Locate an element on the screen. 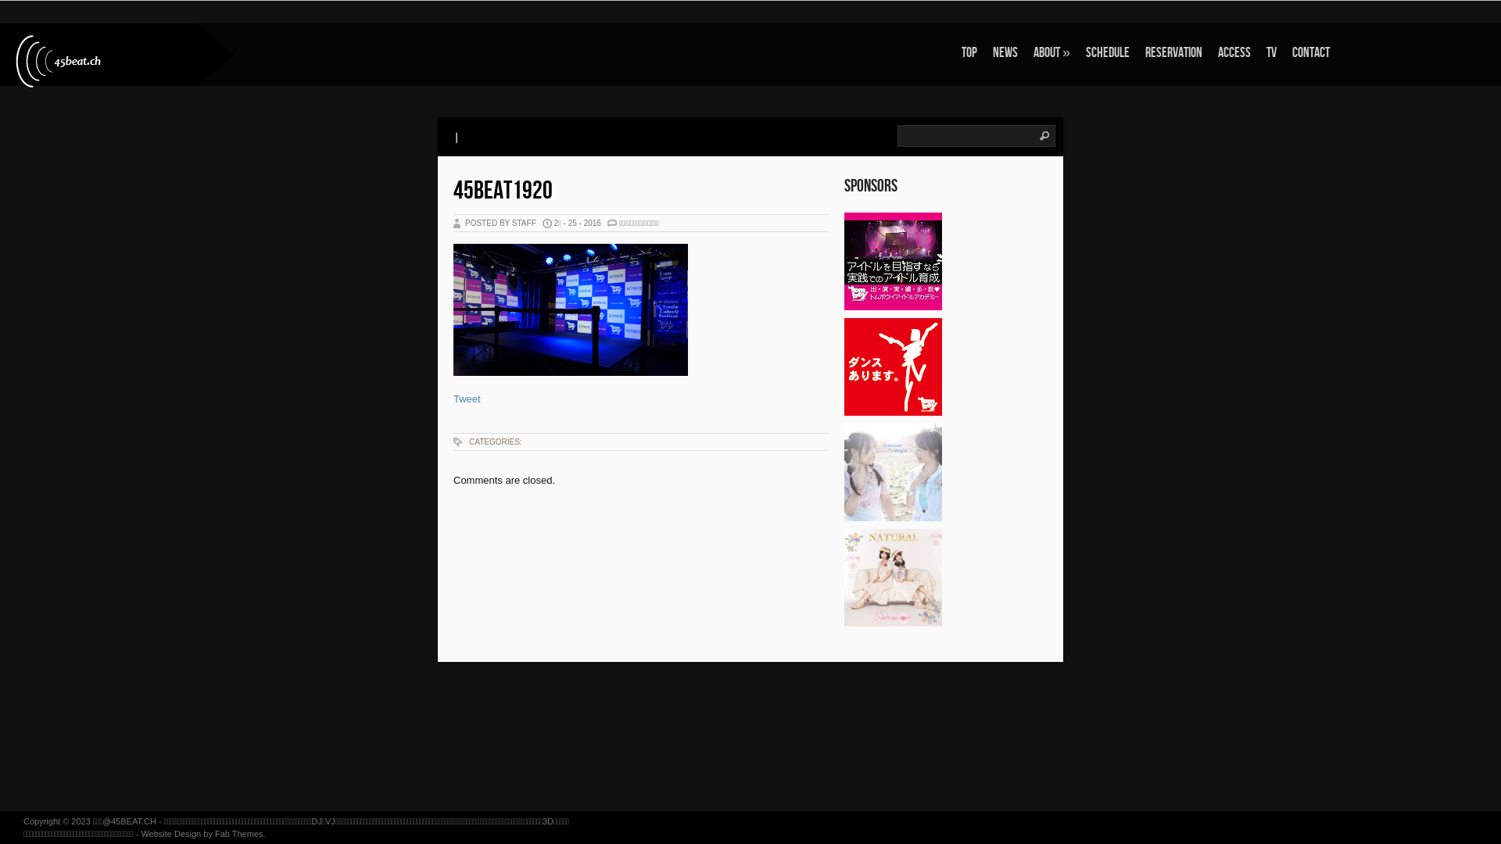 The width and height of the screenshot is (1501, 844). 'TV' is located at coordinates (1271, 52).